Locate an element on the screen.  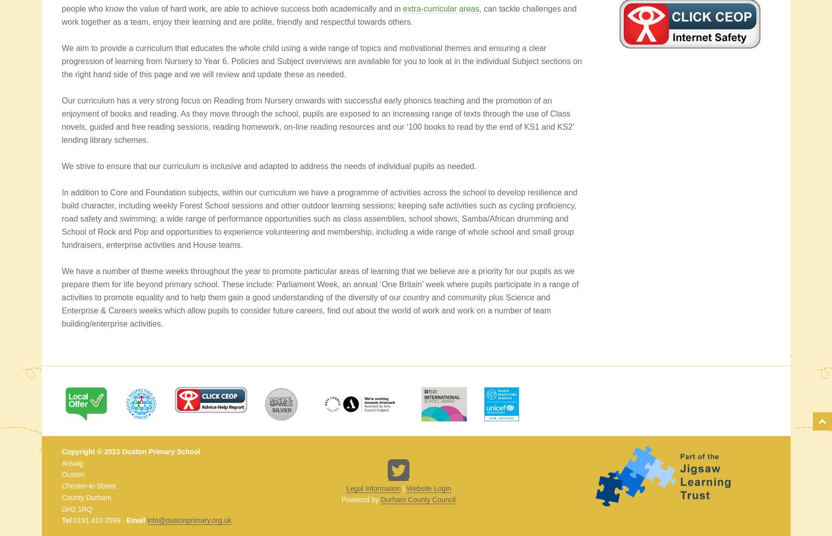
'0191 410 2599
 ·' is located at coordinates (98, 519).